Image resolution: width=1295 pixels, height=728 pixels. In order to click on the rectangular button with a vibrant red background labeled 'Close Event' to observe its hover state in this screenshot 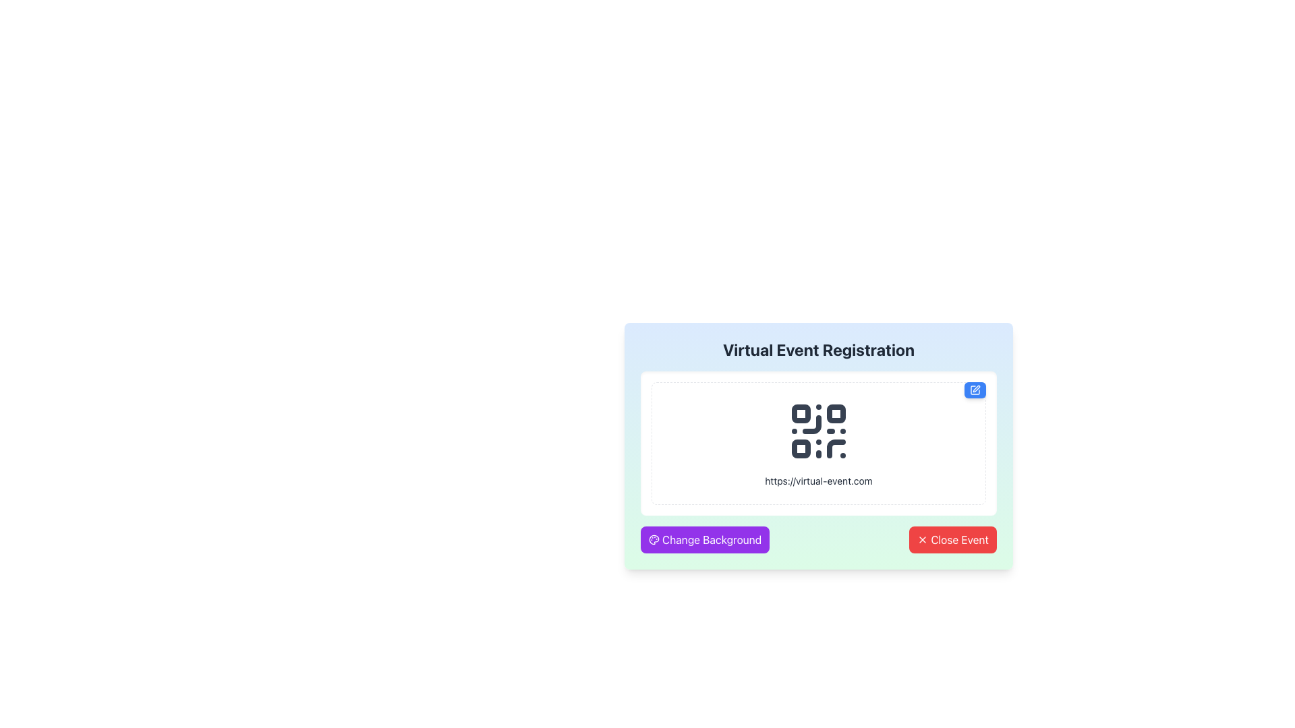, I will do `click(952, 539)`.